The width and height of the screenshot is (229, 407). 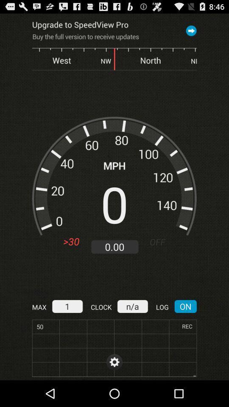 I want to click on item below the n/a, so click(x=114, y=362).